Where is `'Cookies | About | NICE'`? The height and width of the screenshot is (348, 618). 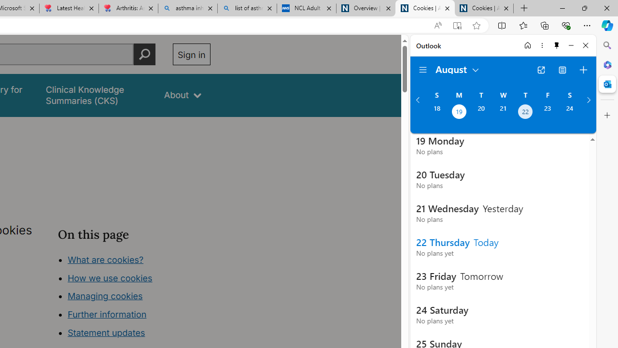
'Cookies | About | NICE' is located at coordinates (484, 8).